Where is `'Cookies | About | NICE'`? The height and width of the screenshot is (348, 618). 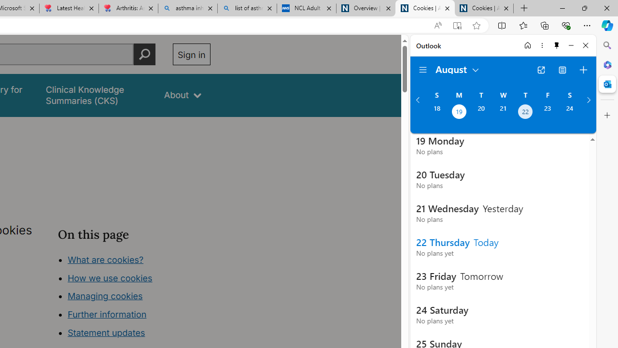
'Cookies | About | NICE' is located at coordinates (484, 8).